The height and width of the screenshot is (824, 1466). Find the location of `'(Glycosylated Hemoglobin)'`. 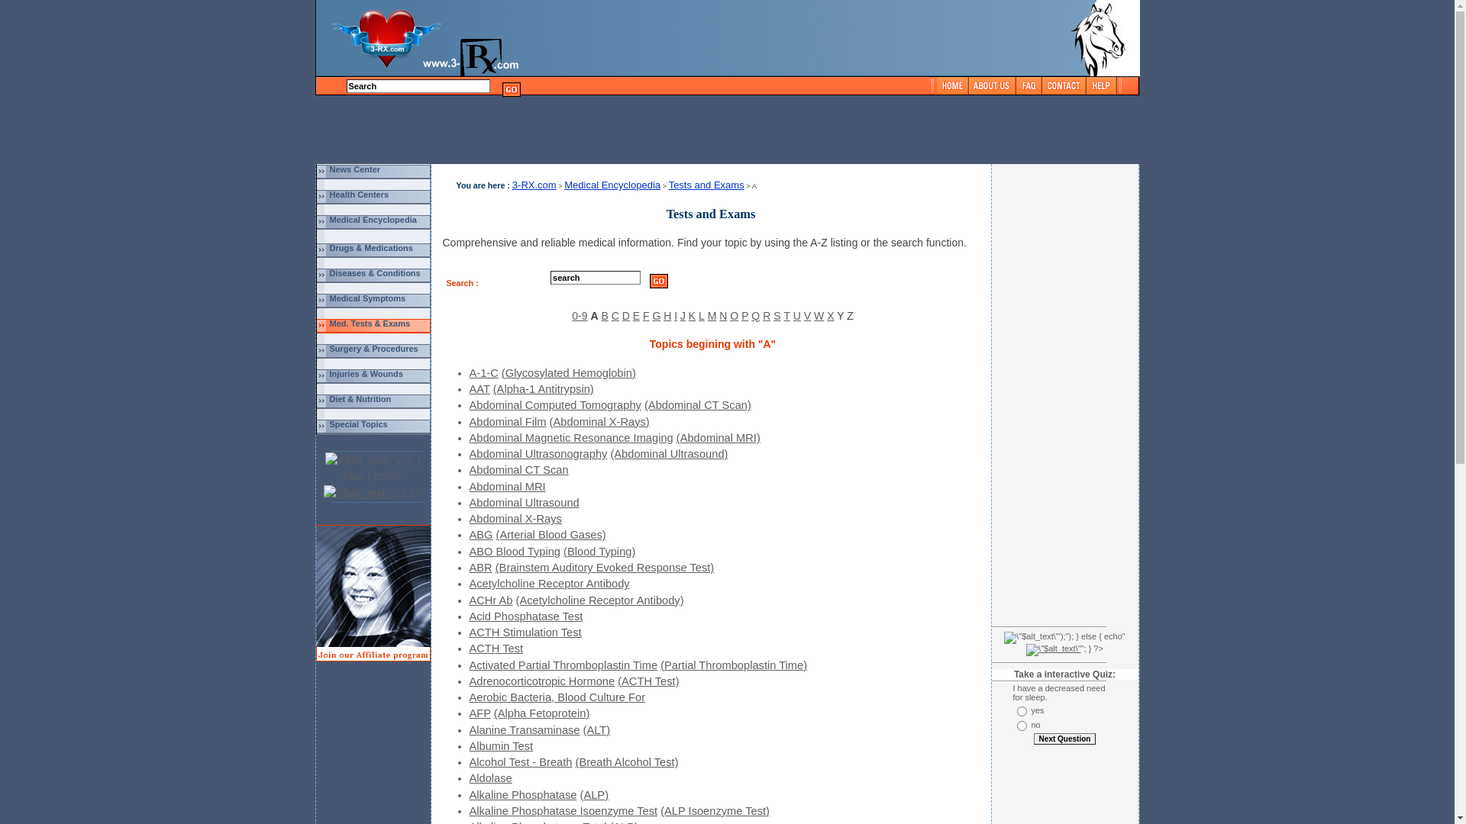

'(Glycosylated Hemoglobin)' is located at coordinates (567, 373).